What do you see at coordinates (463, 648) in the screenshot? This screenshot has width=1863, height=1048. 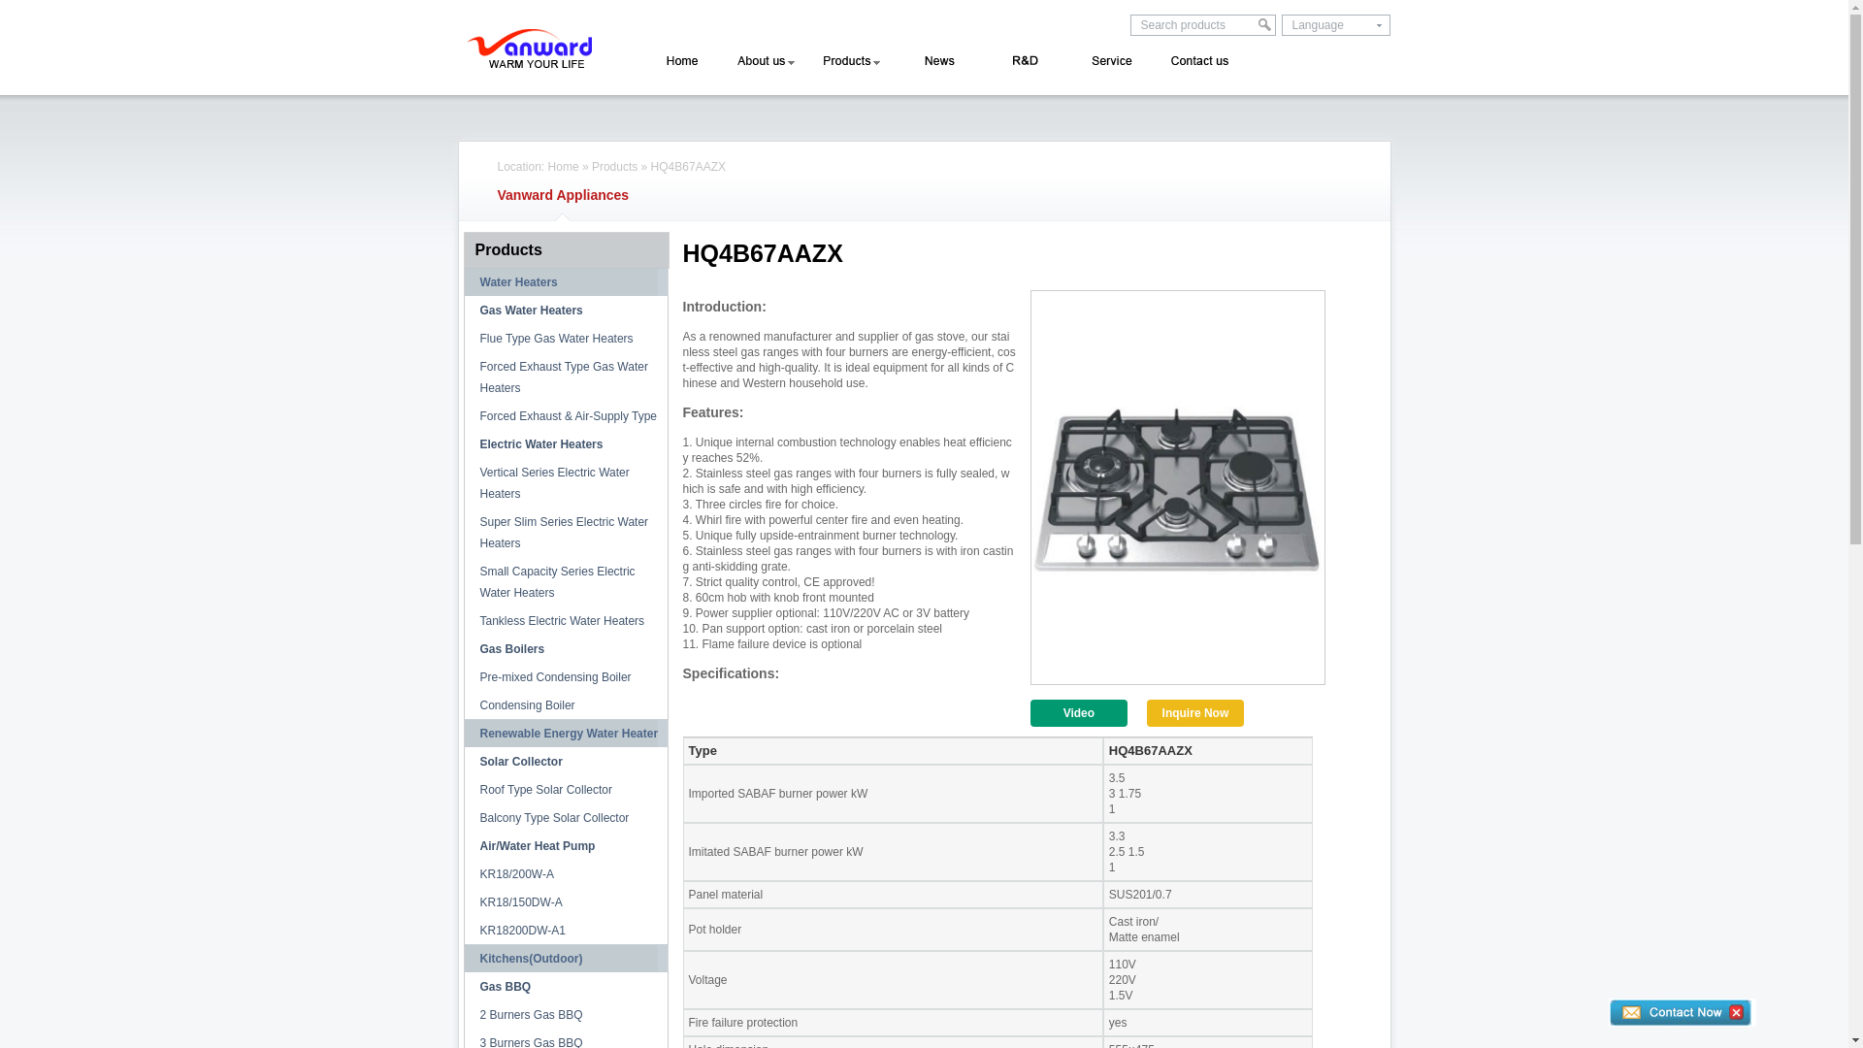 I see `'Gas Boilers'` at bounding box center [463, 648].